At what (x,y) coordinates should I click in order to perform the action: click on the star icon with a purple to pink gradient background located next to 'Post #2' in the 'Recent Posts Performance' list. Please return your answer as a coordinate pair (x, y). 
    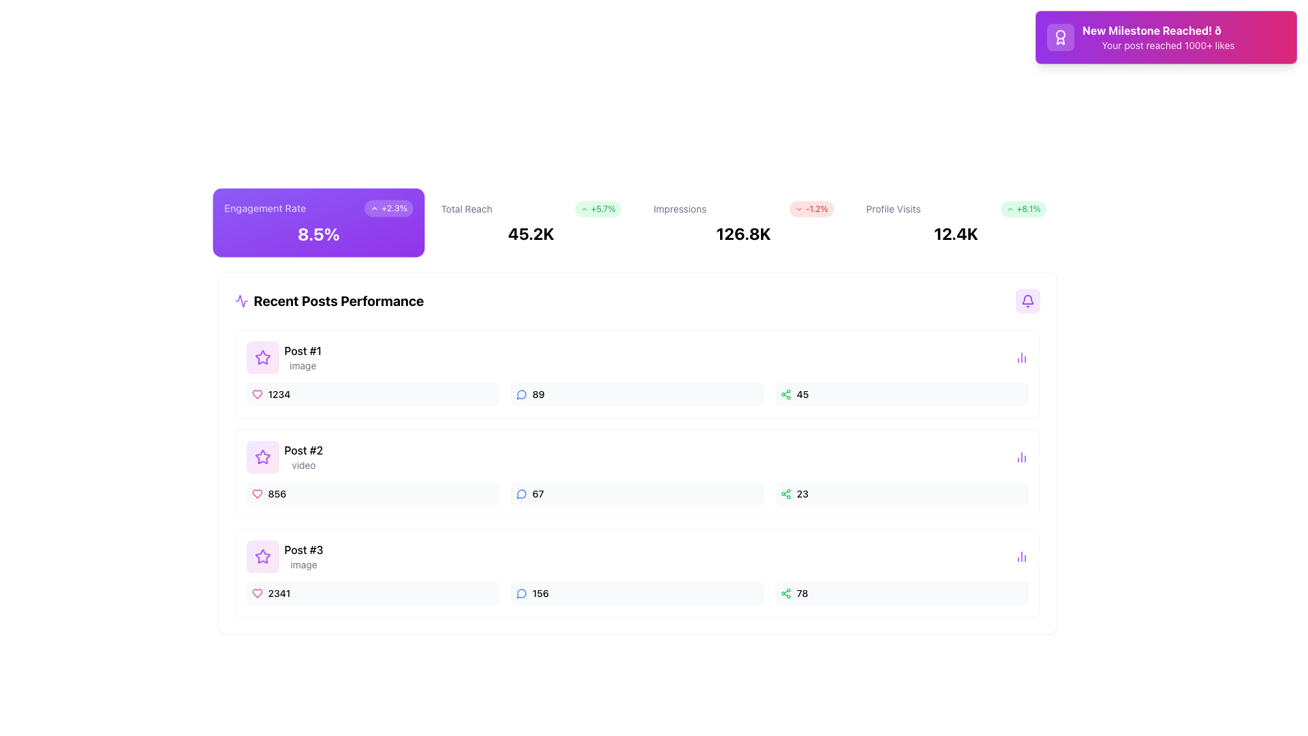
    Looking at the image, I should click on (262, 457).